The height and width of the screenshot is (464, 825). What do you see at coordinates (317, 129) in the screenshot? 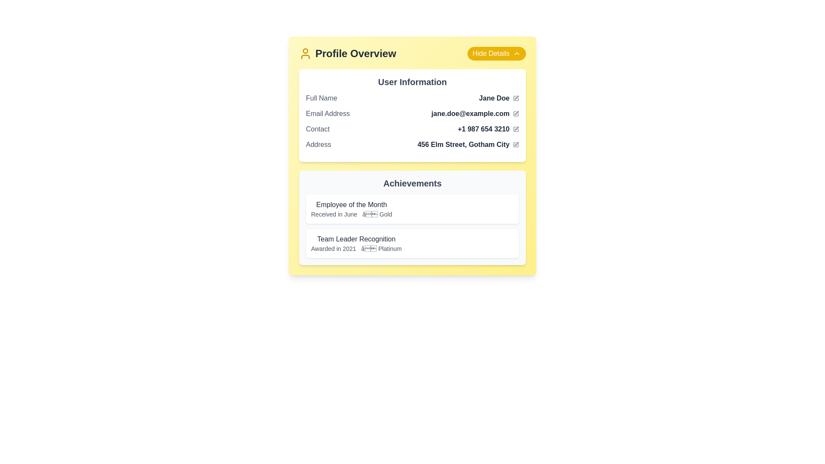
I see `the 'Contact' label, which describes the associated contact information, located to the left of the phone number text '+1 987 654 3210'` at bounding box center [317, 129].